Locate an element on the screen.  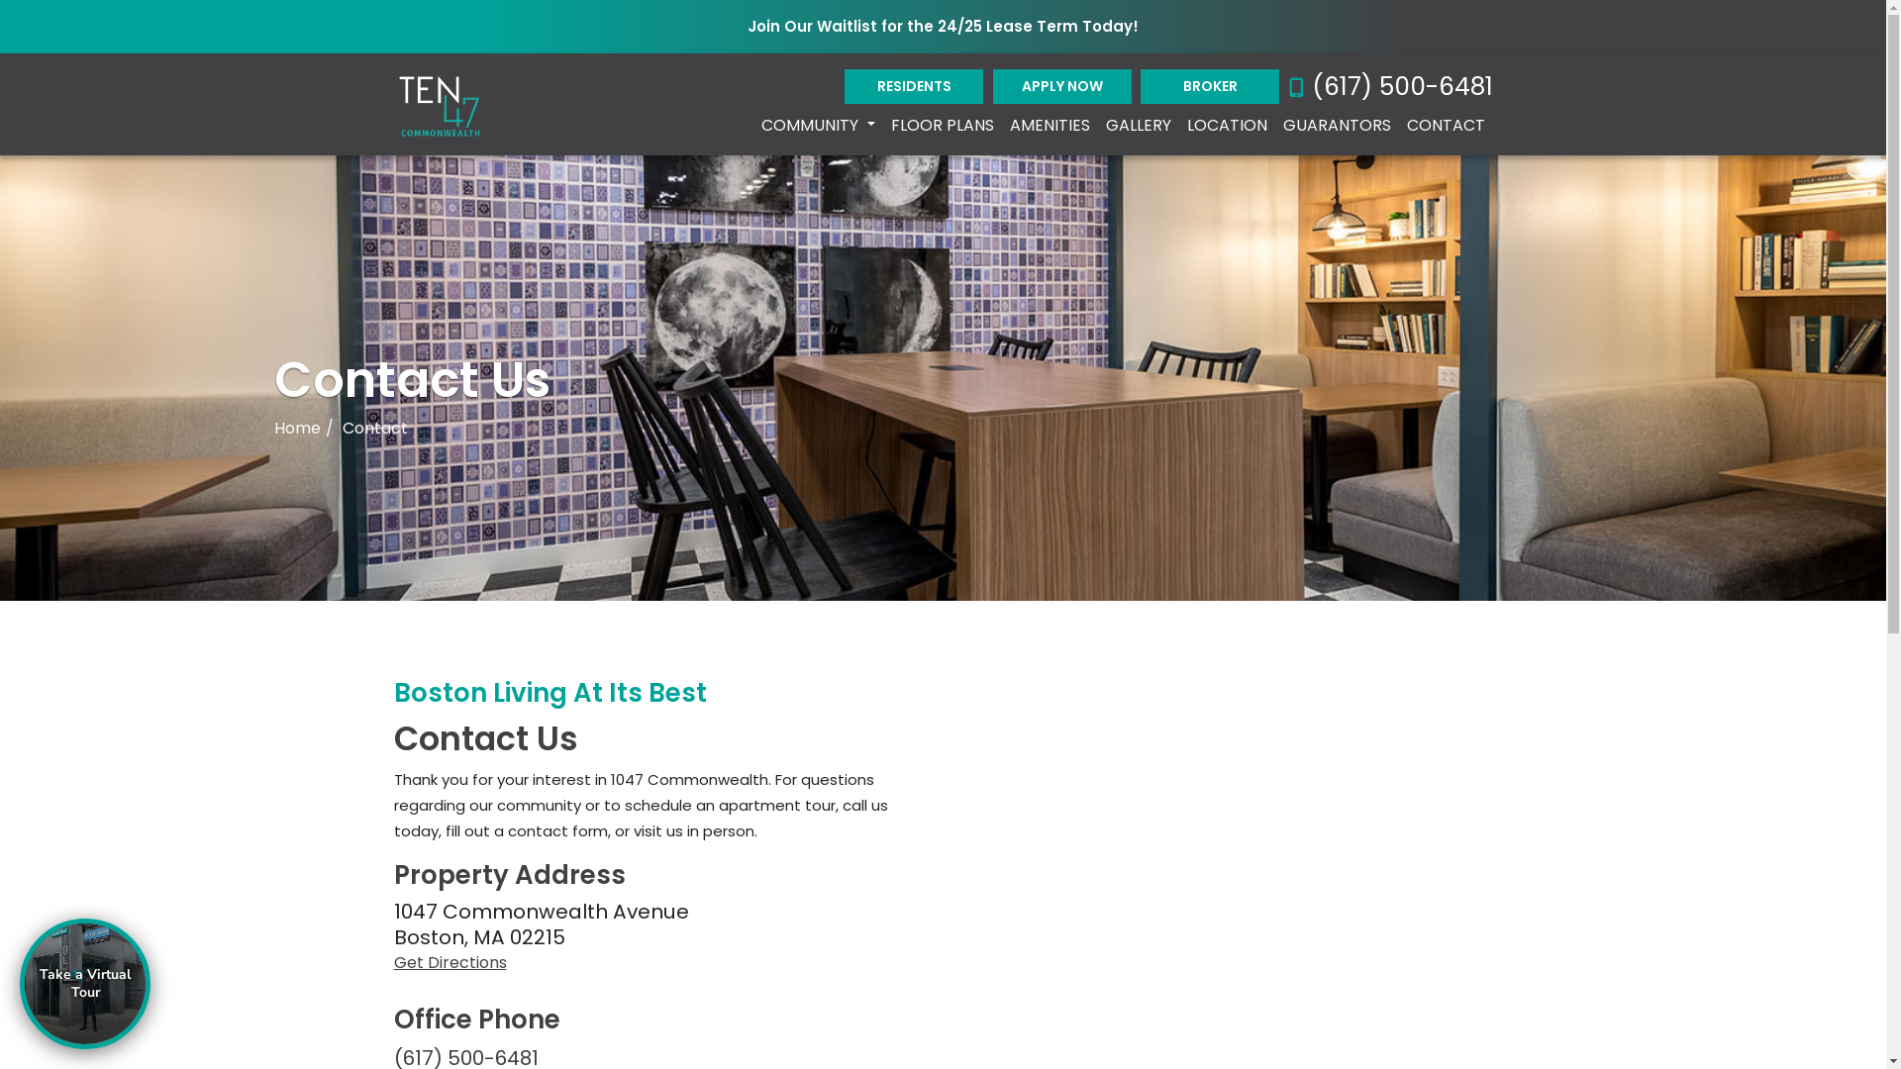
'RESIDENTS' is located at coordinates (912, 85).